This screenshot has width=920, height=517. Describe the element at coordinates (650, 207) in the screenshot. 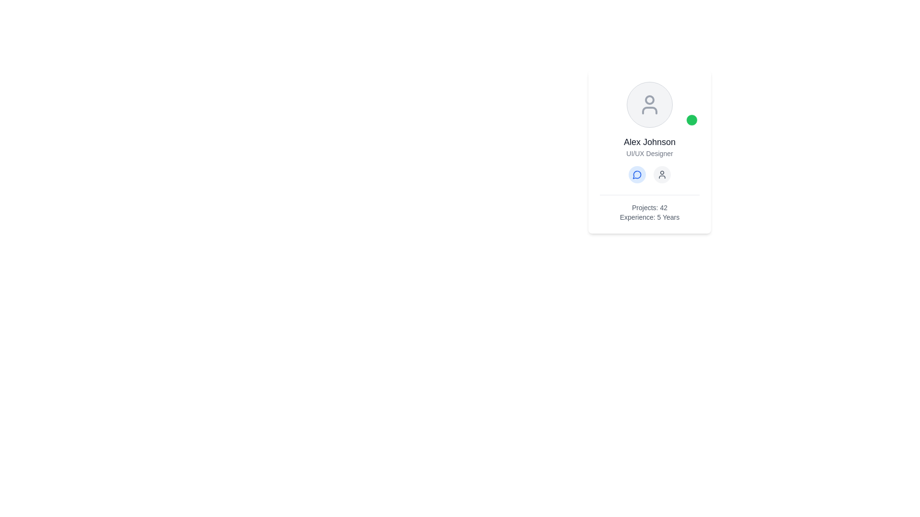

I see `summary metric displayed on the Text Label indicating the number of projects associated with the user, which is located above the 'Experience: 5 Years' label and below a horizontal divider line in the vertical card-like layout` at that location.